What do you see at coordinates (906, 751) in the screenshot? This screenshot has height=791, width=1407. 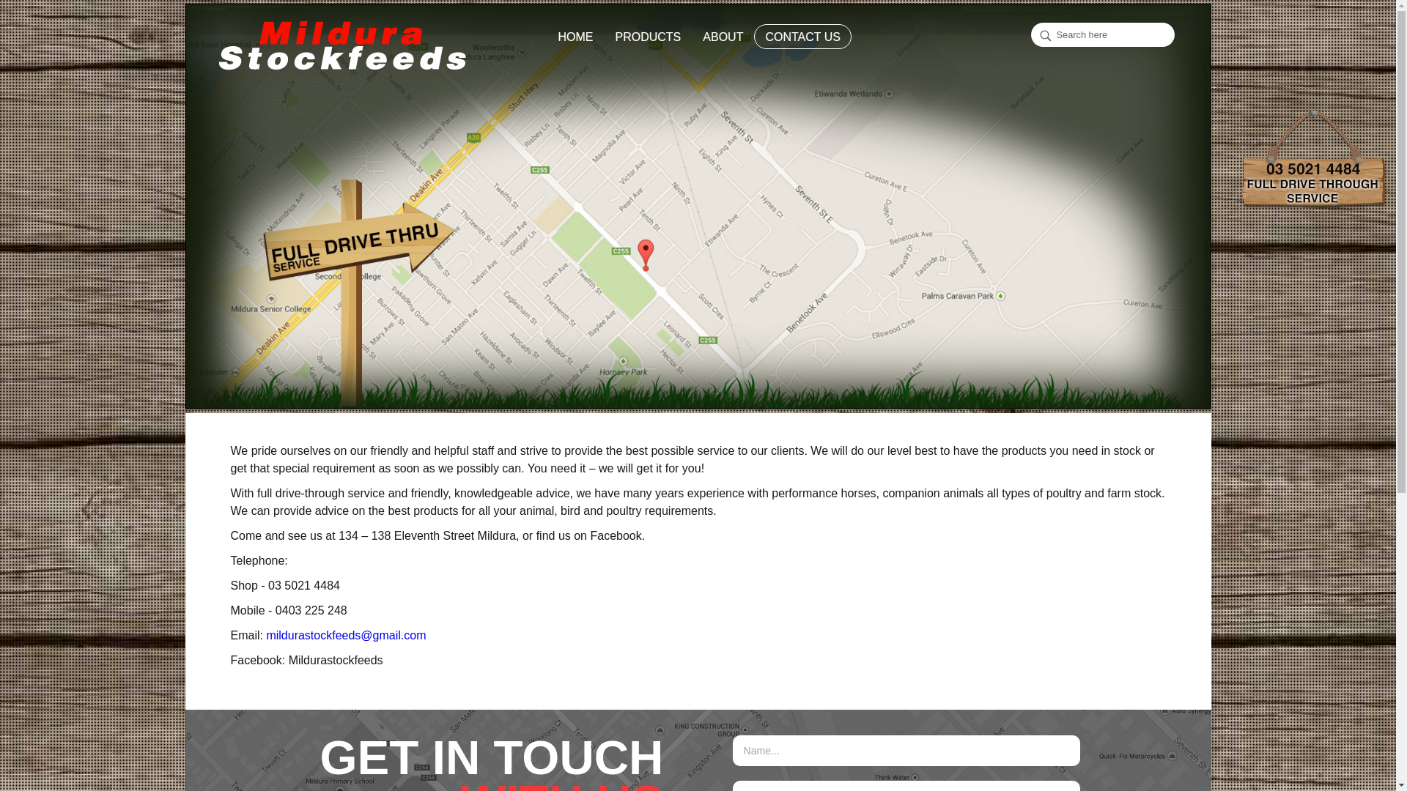 I see `'Name...'` at bounding box center [906, 751].